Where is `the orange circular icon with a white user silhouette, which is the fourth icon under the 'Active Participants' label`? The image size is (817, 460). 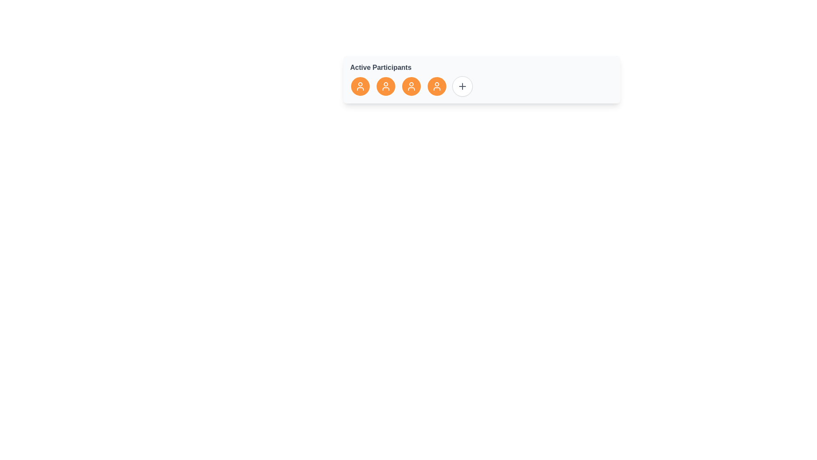 the orange circular icon with a white user silhouette, which is the fourth icon under the 'Active Participants' label is located at coordinates (437, 86).